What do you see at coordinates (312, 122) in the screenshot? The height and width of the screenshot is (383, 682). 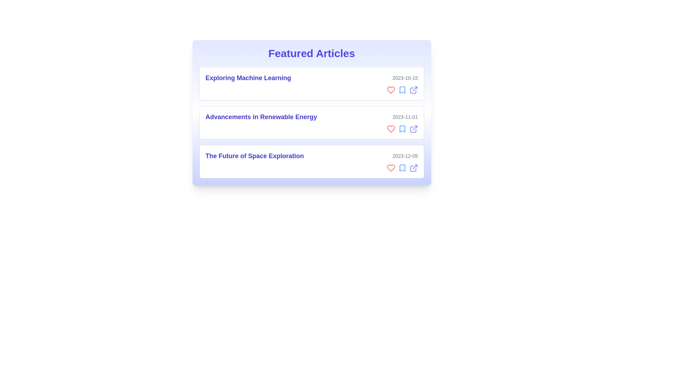 I see `the article titled Advancements in Renewable Energy` at bounding box center [312, 122].